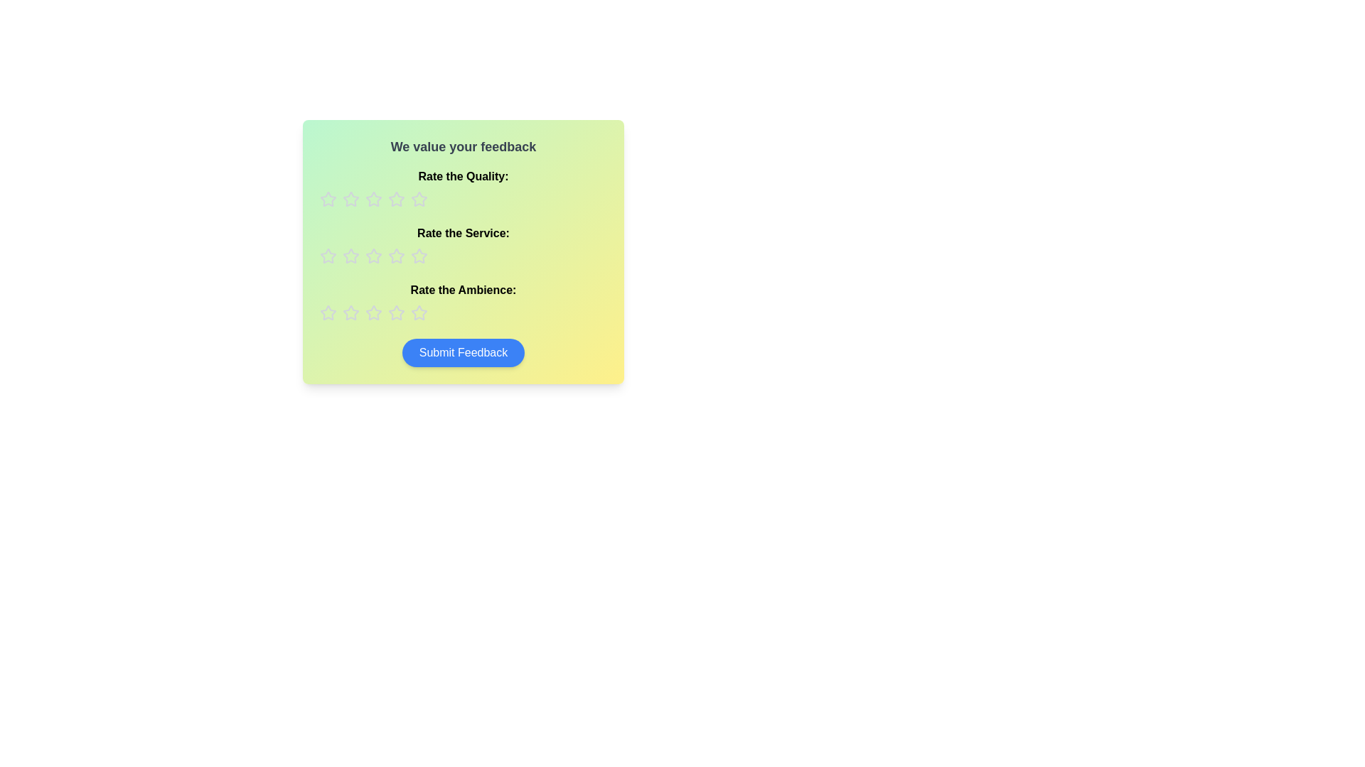 Image resolution: width=1365 pixels, height=767 pixels. Describe the element at coordinates (464, 200) in the screenshot. I see `the interactive star icons in the Rating component` at that location.